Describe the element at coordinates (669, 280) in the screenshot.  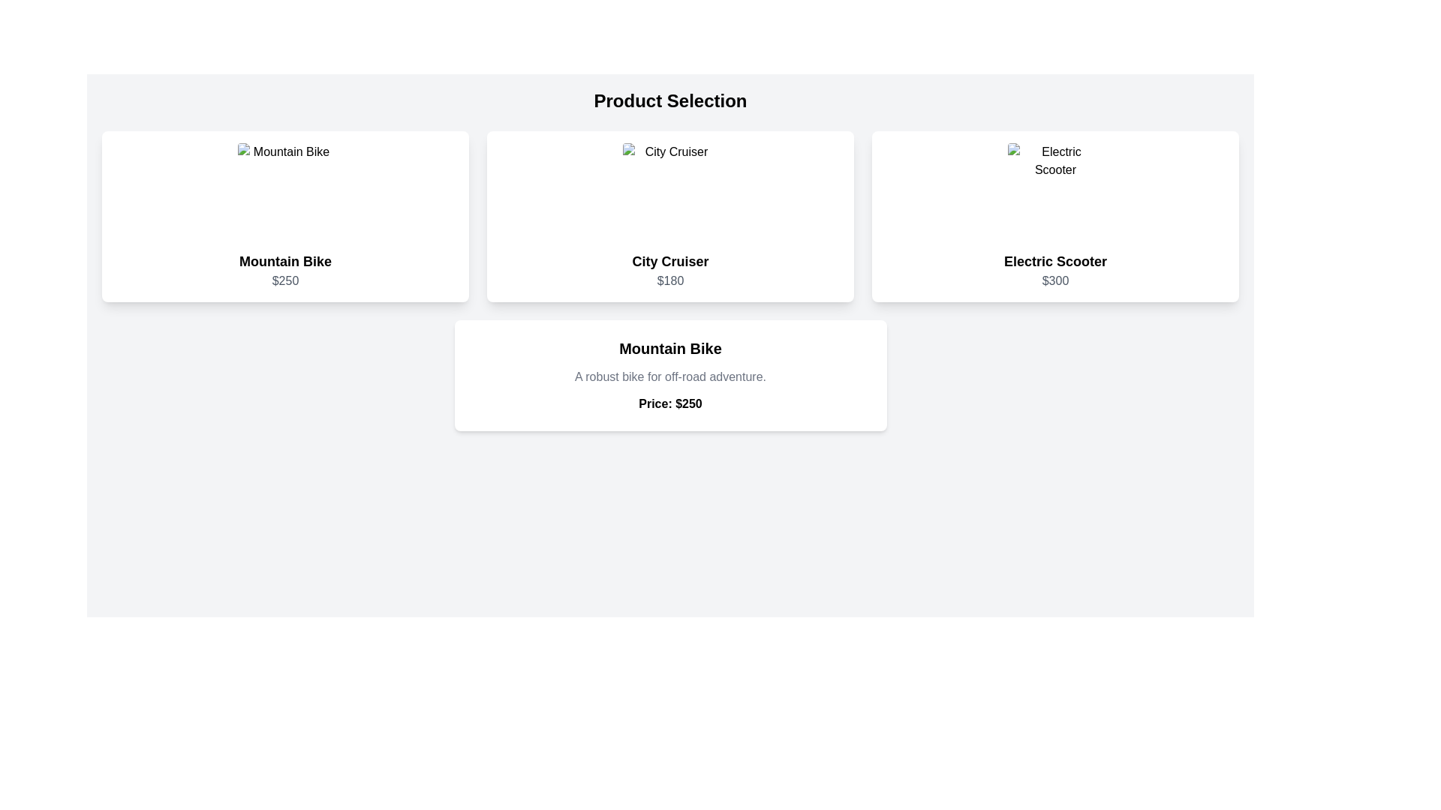
I see `the price tag displaying '$180' located centrally beneath the title 'City Cruiser' in the product card` at that location.